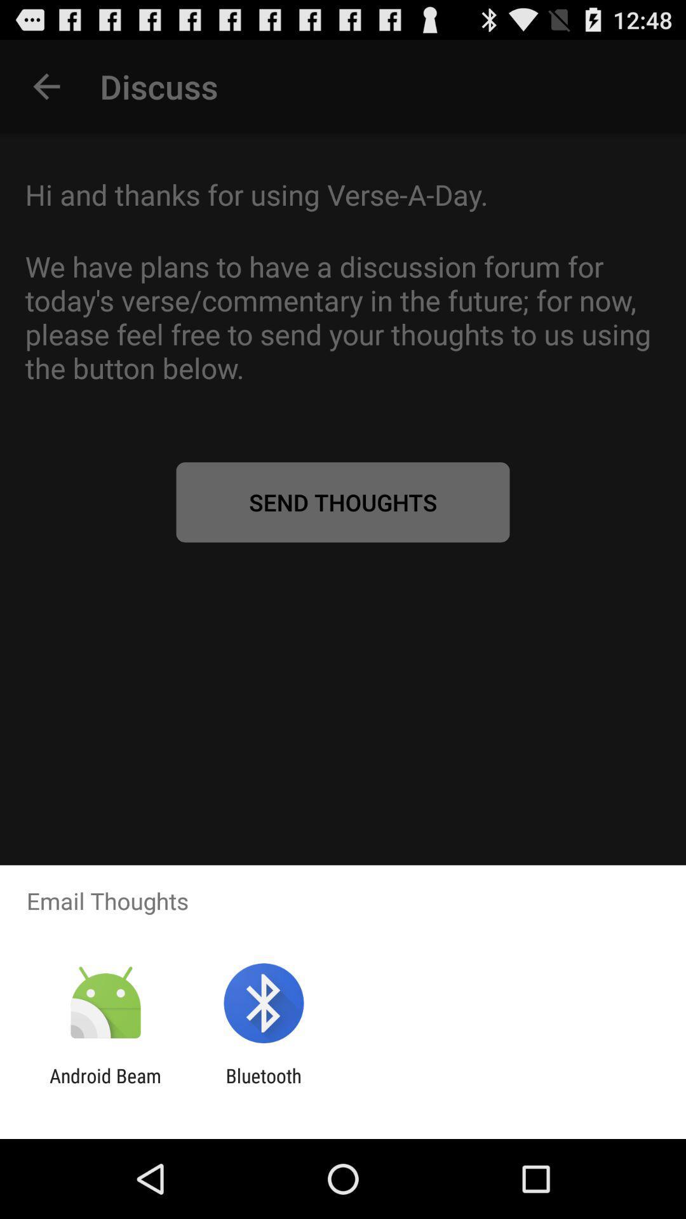  I want to click on icon next to the bluetooth icon, so click(105, 1086).